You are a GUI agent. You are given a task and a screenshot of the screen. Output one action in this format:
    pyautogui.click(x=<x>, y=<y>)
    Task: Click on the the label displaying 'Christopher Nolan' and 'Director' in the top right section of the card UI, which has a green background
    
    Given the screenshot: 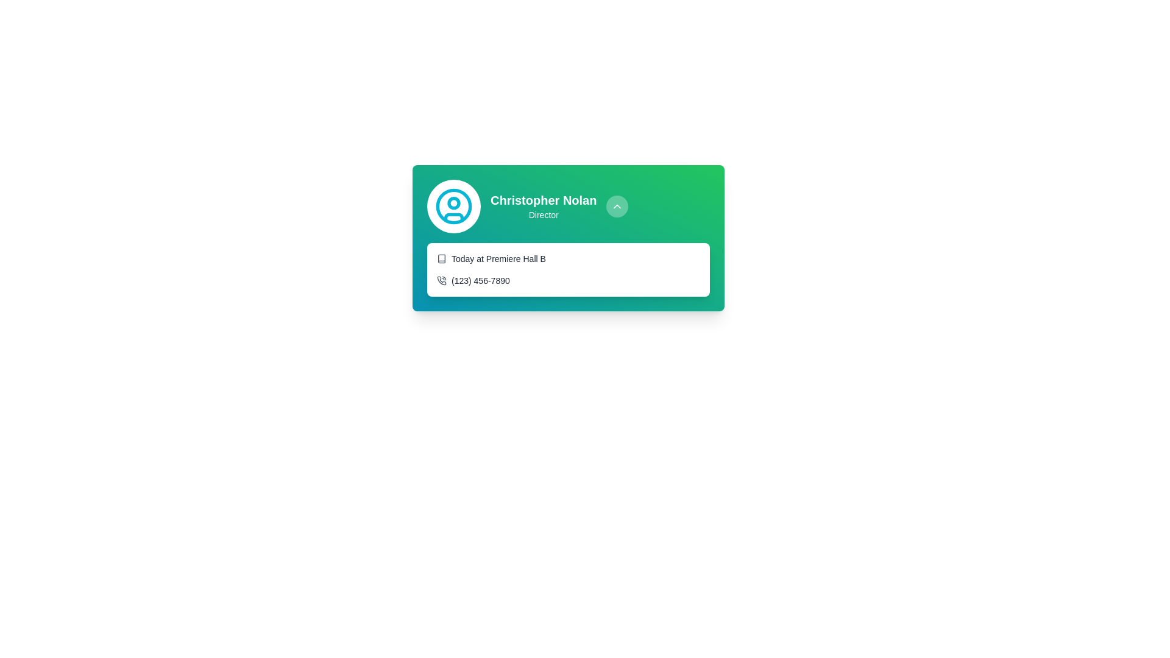 What is the action you would take?
    pyautogui.click(x=543, y=206)
    